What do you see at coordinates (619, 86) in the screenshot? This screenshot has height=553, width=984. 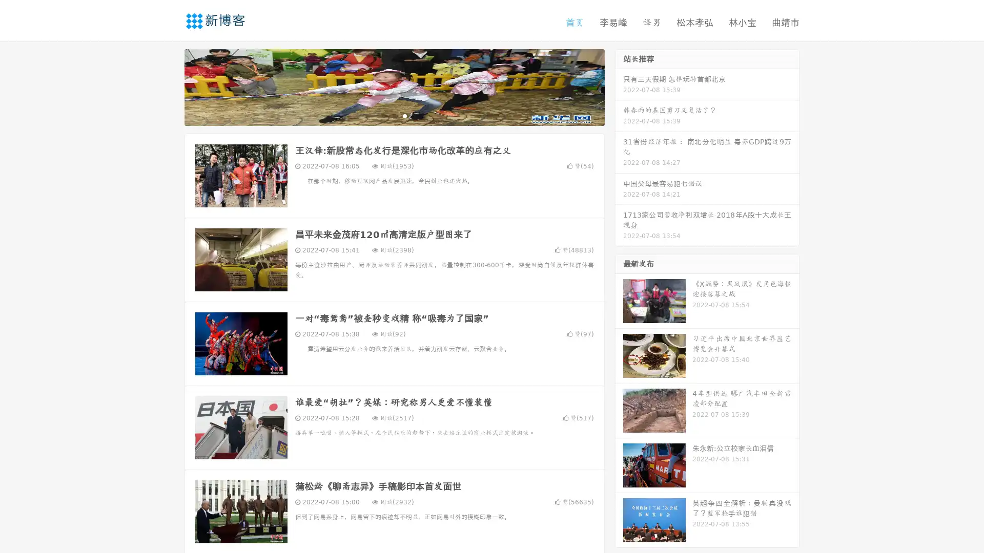 I see `Next slide` at bounding box center [619, 86].